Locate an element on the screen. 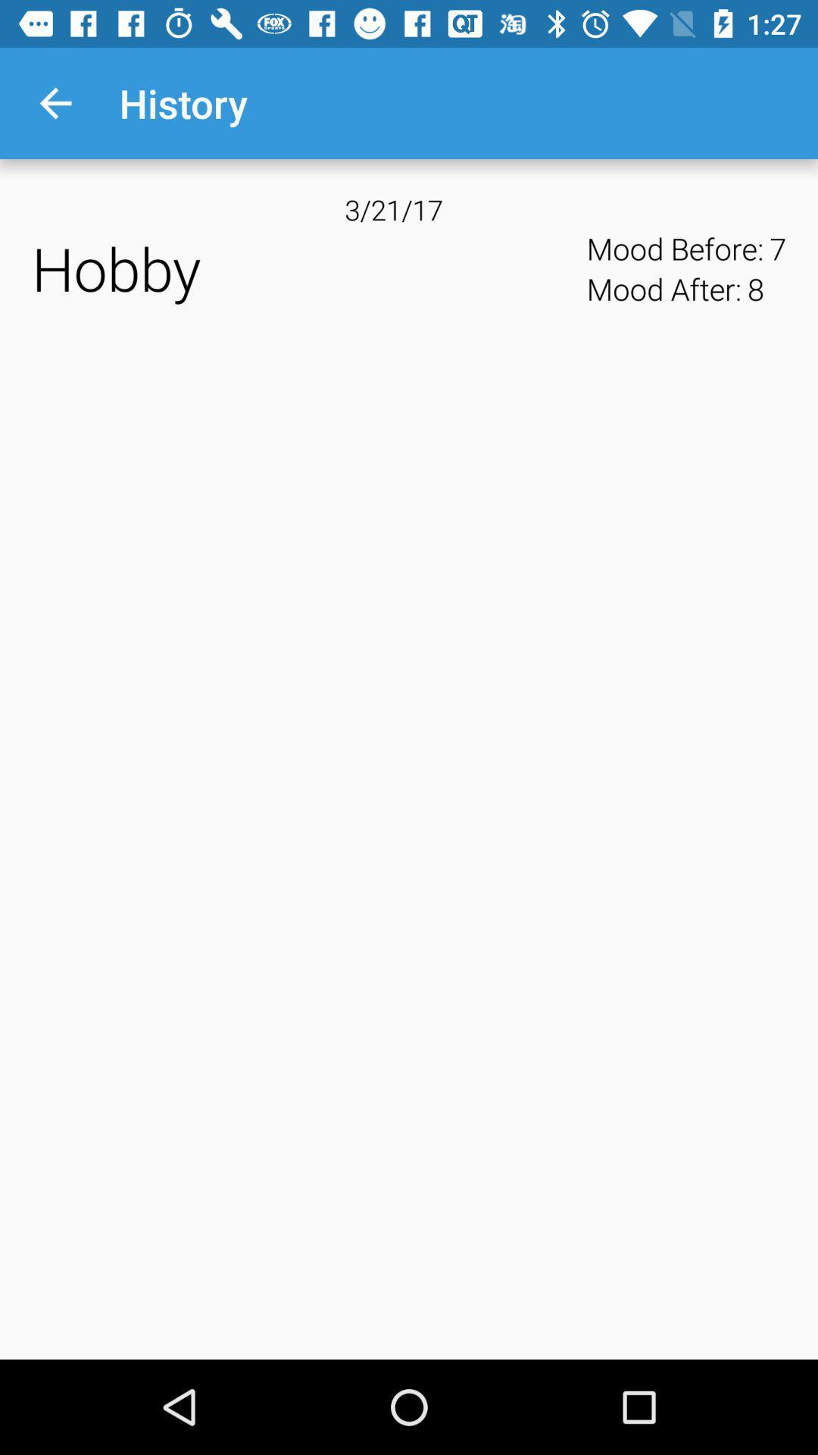  item below mood before: item is located at coordinates (755, 289).